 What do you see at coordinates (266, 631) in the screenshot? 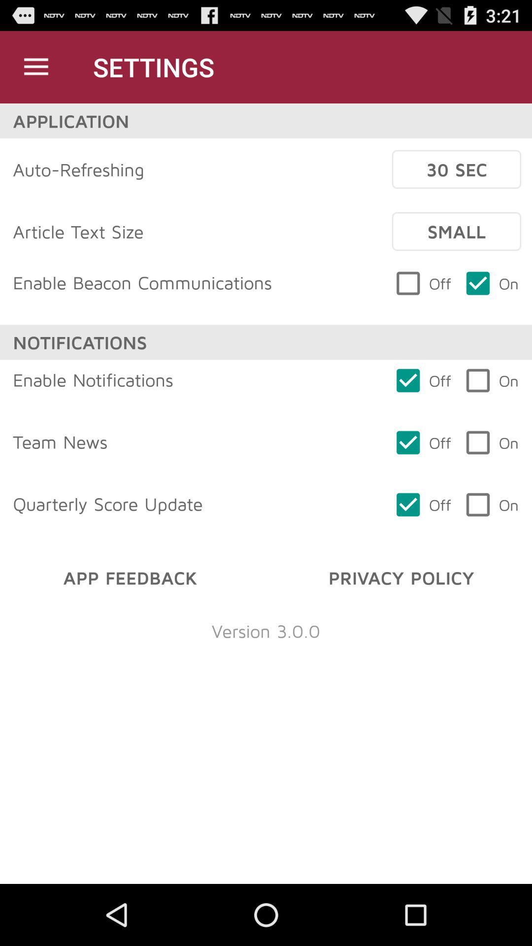
I see `the version 3 0 icon` at bounding box center [266, 631].